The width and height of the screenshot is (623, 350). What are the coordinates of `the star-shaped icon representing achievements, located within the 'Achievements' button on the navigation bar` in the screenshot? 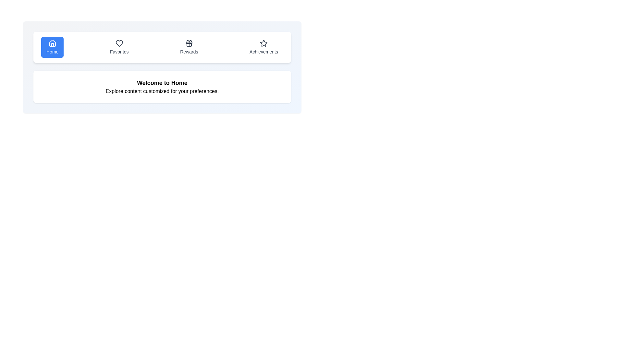 It's located at (264, 43).